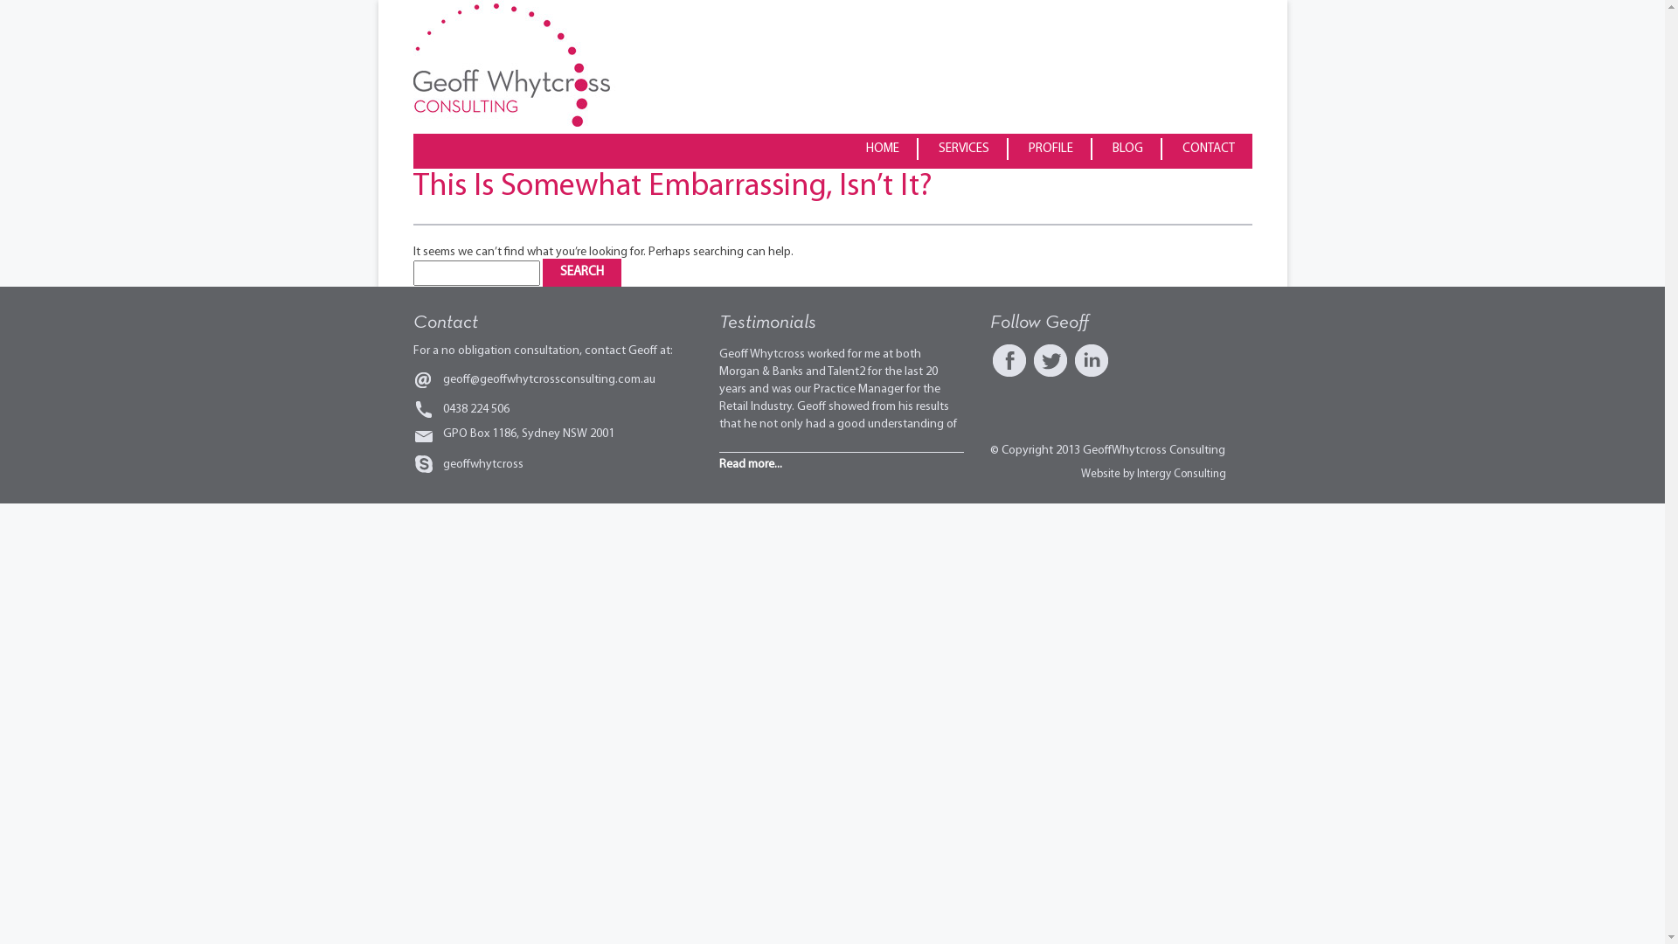  What do you see at coordinates (1163, 148) in the screenshot?
I see `'CONTACT'` at bounding box center [1163, 148].